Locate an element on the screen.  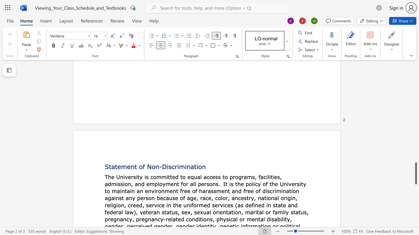
the scrollbar on the right is located at coordinates (415, 131).